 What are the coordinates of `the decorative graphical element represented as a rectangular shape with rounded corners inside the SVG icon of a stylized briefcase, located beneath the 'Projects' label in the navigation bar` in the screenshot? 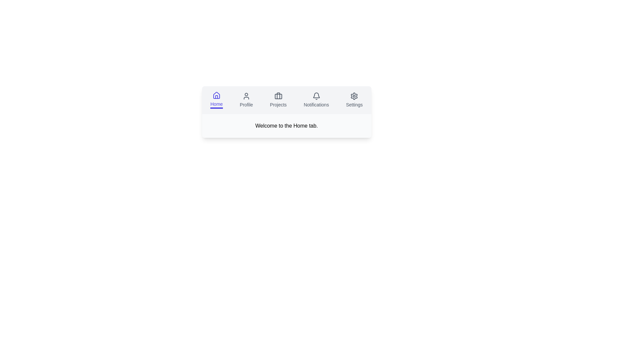 It's located at (278, 97).